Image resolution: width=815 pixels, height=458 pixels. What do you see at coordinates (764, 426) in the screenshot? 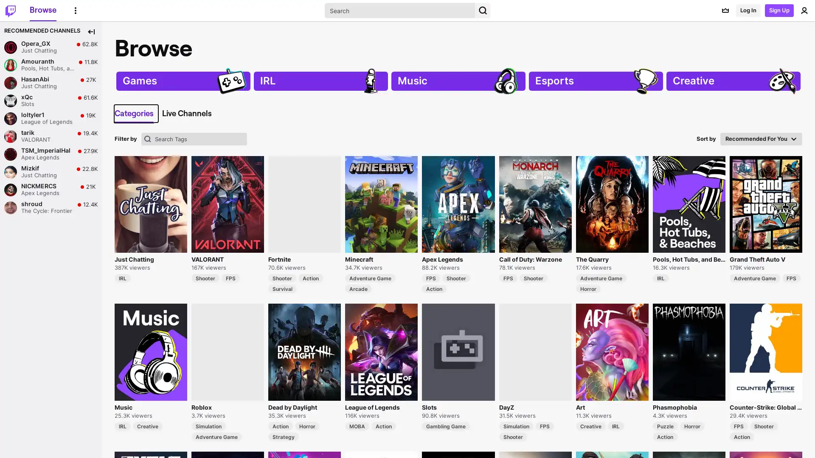
I see `Shooter` at bounding box center [764, 426].